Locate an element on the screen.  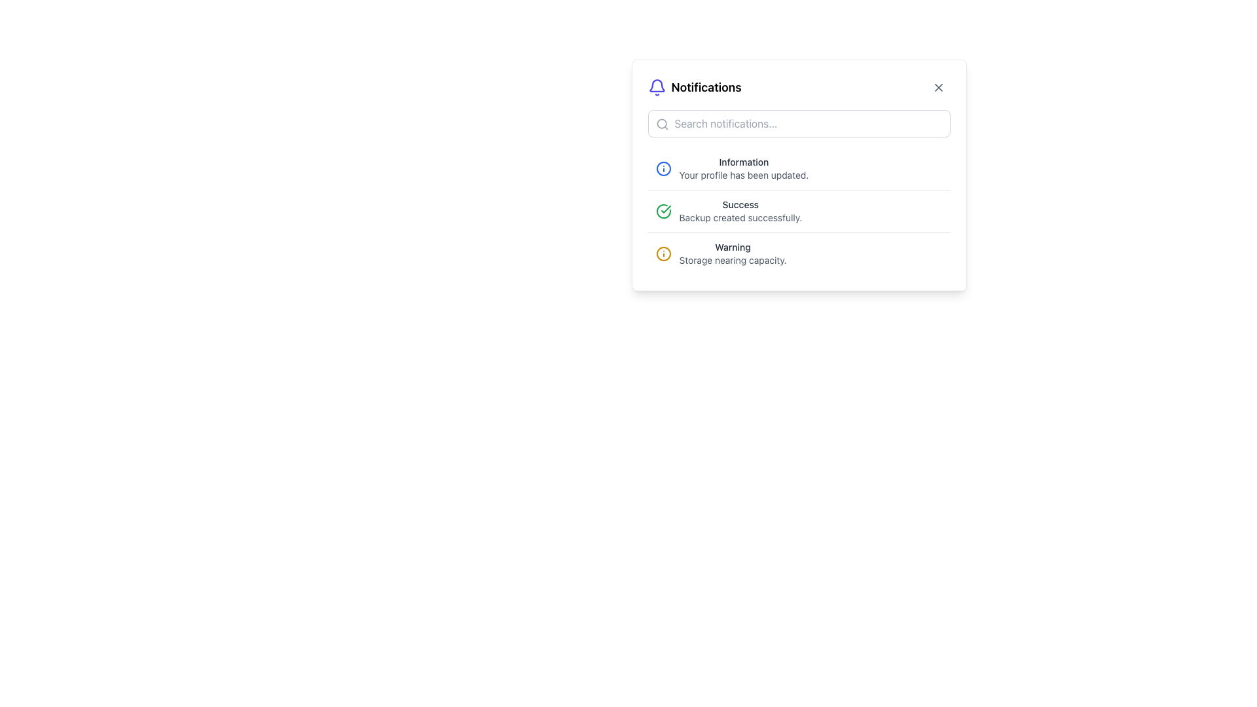
the bell icon with a blue outline, located near the header titled 'Notifications' is located at coordinates (657, 88).